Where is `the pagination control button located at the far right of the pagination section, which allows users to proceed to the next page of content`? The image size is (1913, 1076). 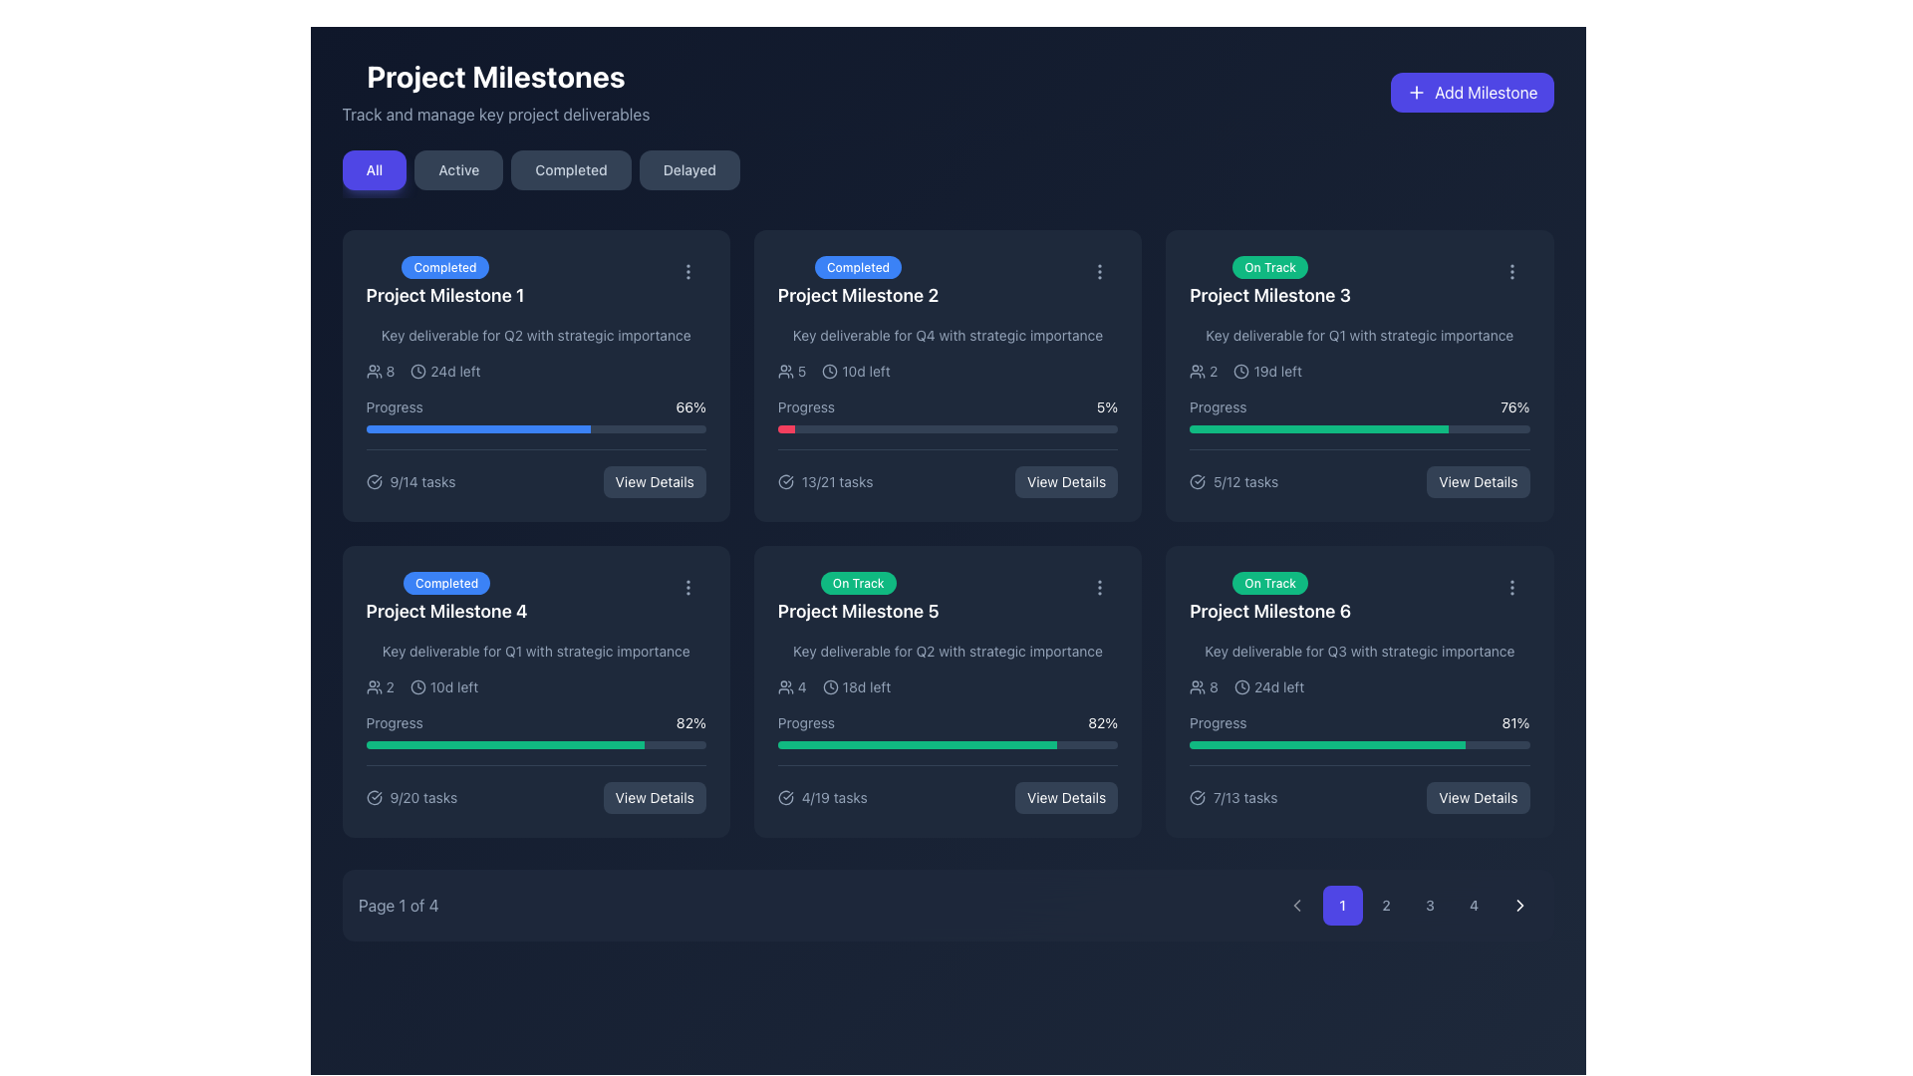
the pagination control button located at the far right of the pagination section, which allows users to proceed to the next page of content is located at coordinates (1518, 906).